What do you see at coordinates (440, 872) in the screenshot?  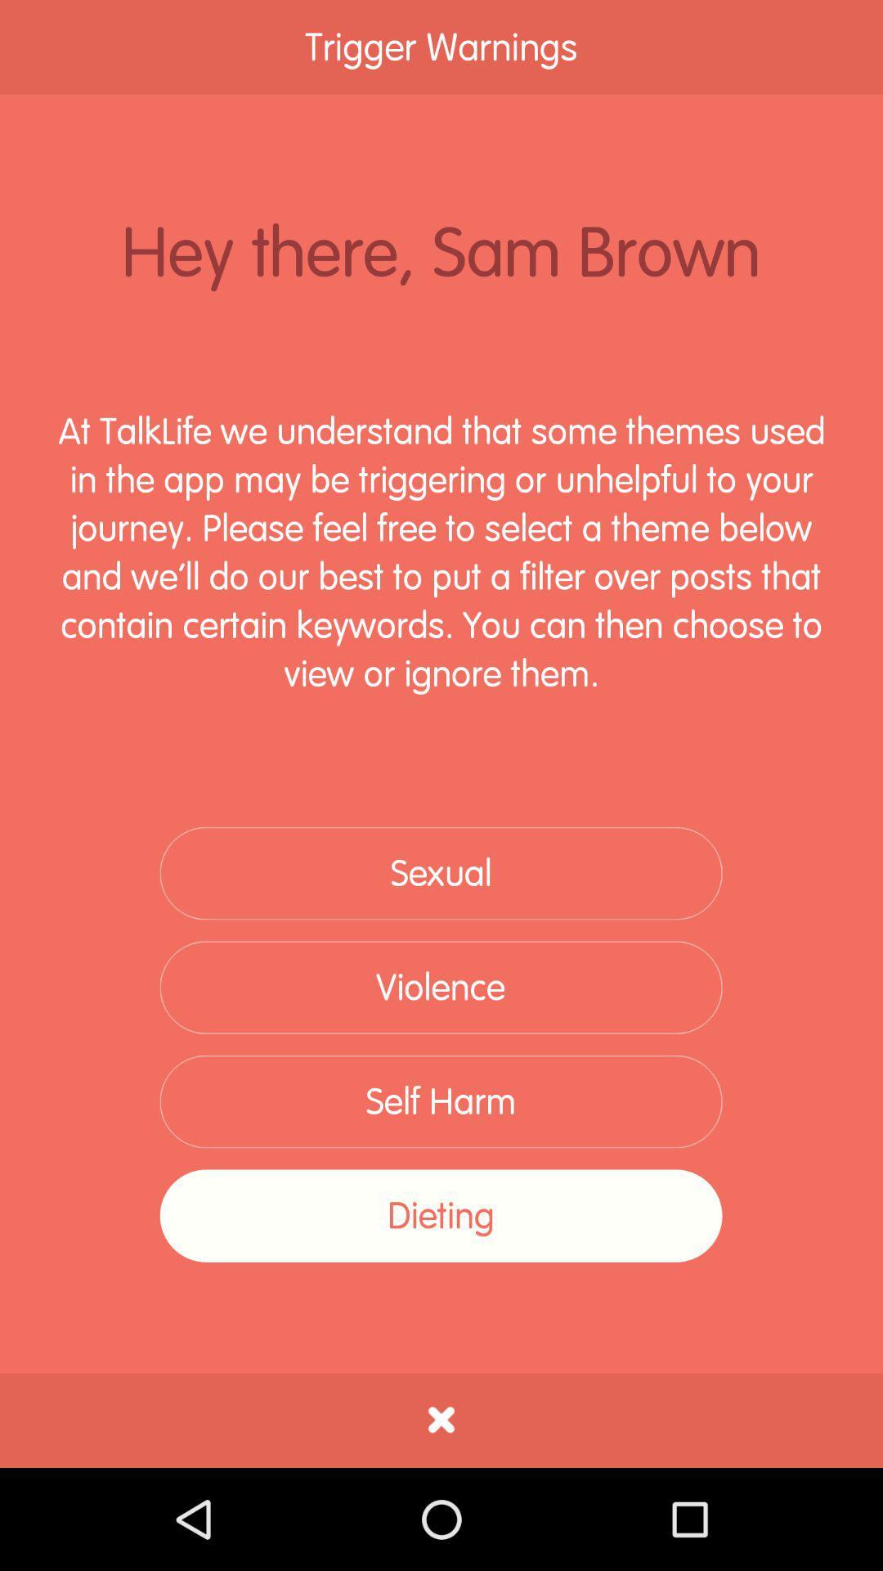 I see `the sexual item` at bounding box center [440, 872].